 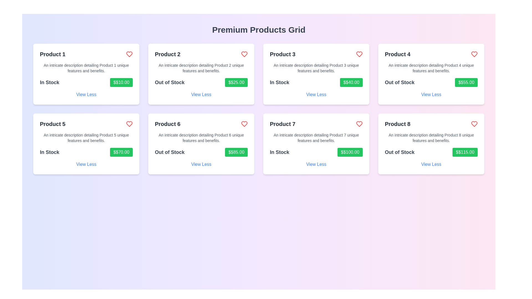 What do you see at coordinates (53, 54) in the screenshot?
I see `the bold, large-sized dark gray text label reading 'Product 1' located at the top-left of its card, above a descriptive paragraph and next to a heart-shaped icon` at bounding box center [53, 54].